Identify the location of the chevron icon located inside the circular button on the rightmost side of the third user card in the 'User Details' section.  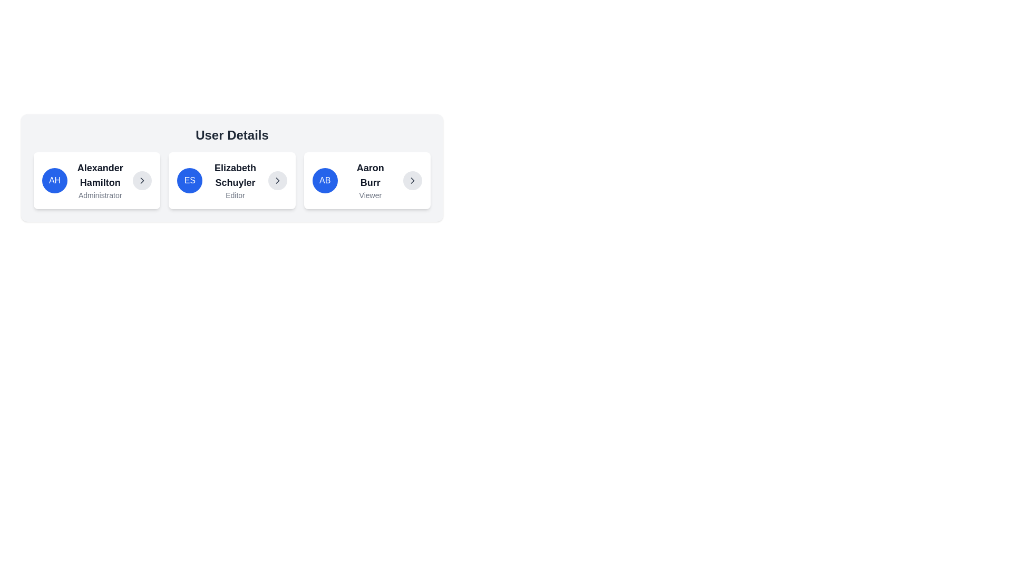
(412, 180).